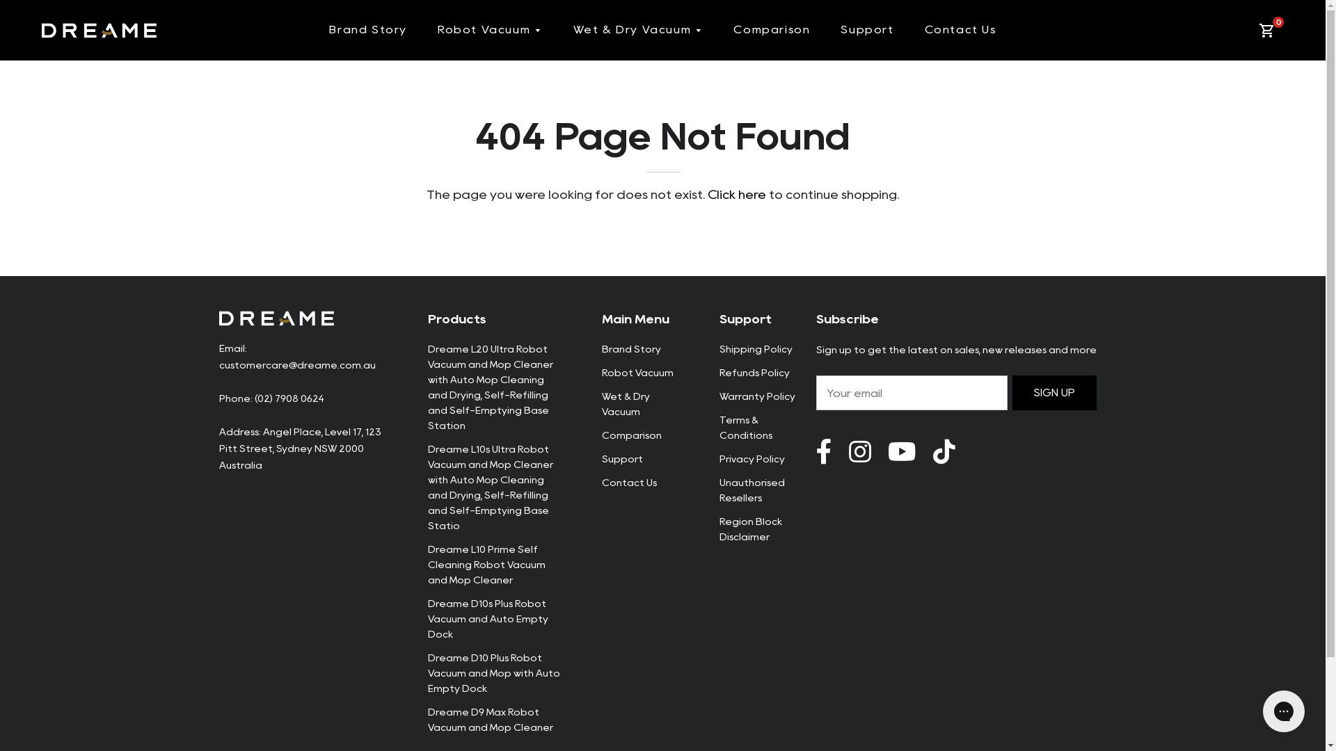 The width and height of the screenshot is (1336, 751). Describe the element at coordinates (621, 458) in the screenshot. I see `'Support'` at that location.